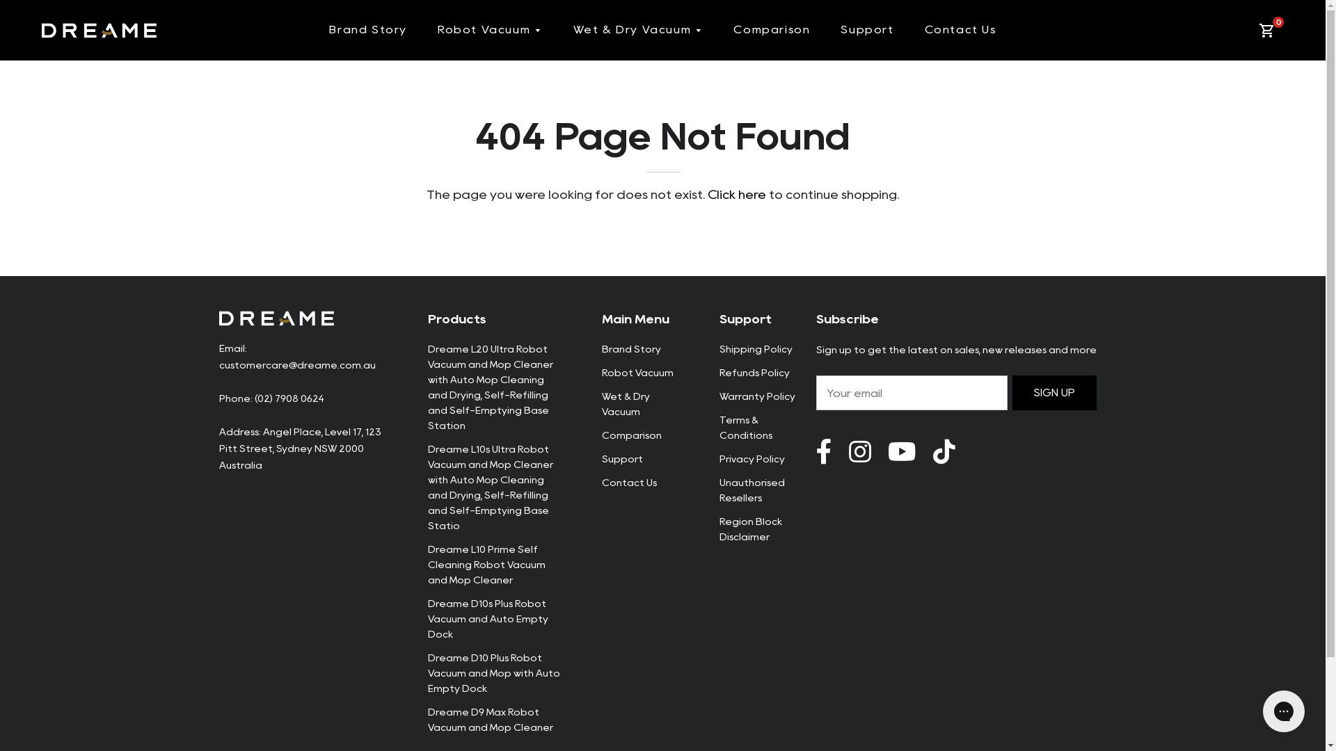 The width and height of the screenshot is (1336, 751). Describe the element at coordinates (621, 458) in the screenshot. I see `'Support'` at that location.